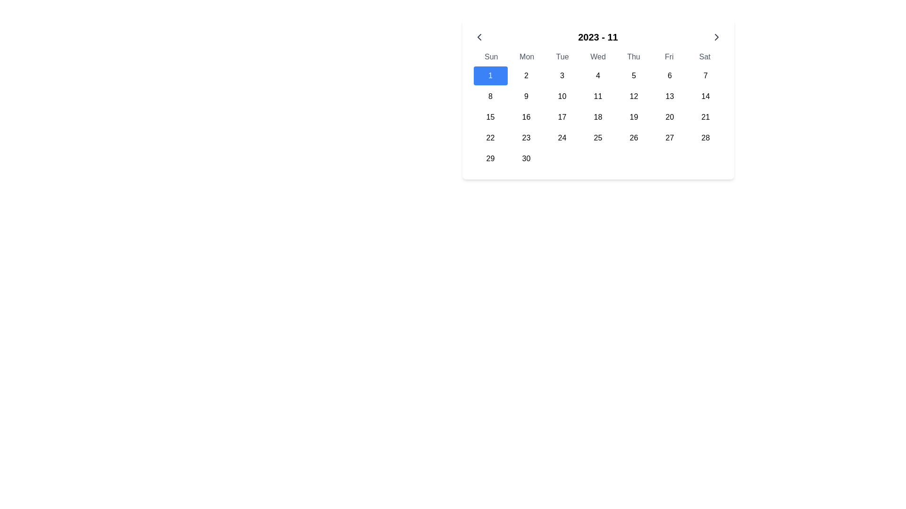 This screenshot has height=509, width=906. I want to click on the text element representing the abbreviation for Thursday in the calendar header, located after 'Wed' and before 'Fri', so click(633, 57).